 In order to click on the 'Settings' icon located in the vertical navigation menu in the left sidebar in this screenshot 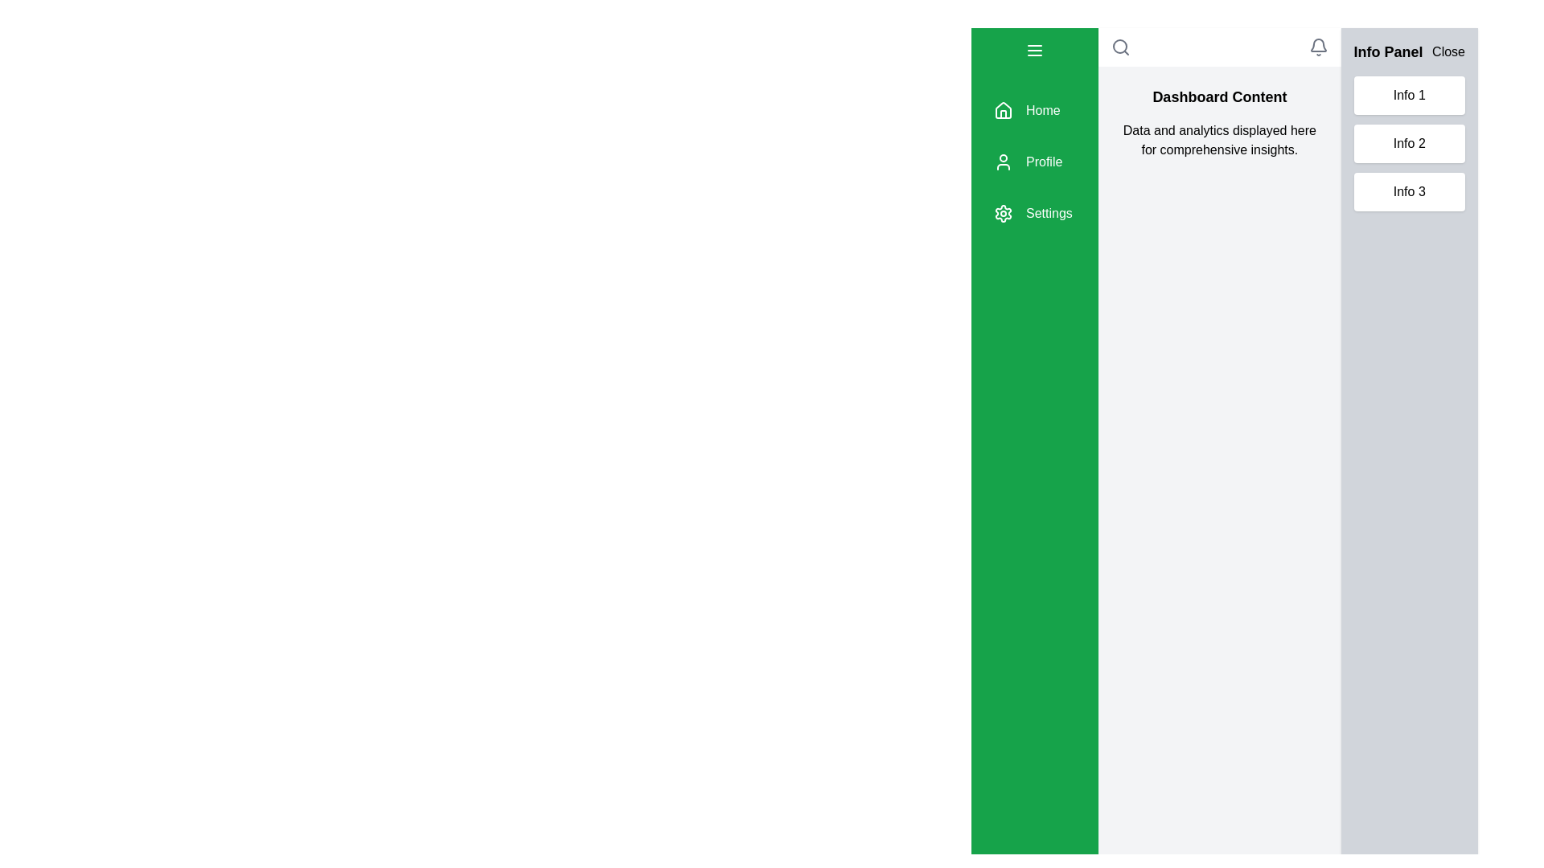, I will do `click(1003, 213)`.